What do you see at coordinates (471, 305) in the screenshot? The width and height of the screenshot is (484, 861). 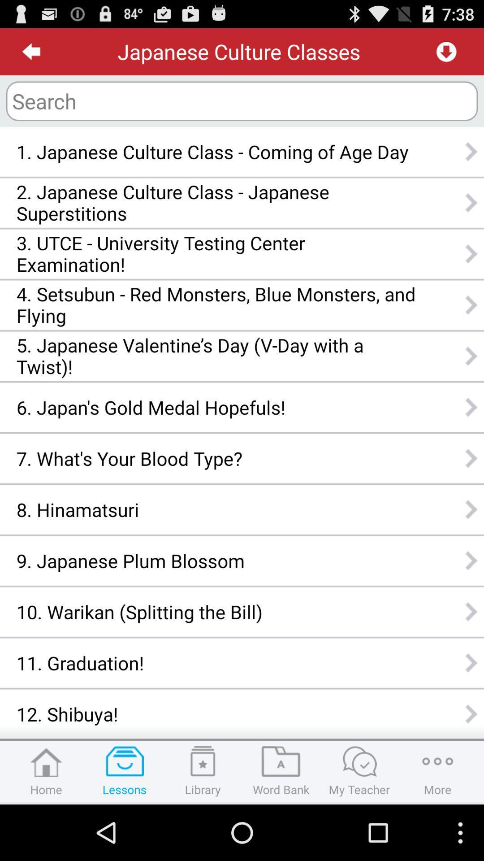 I see `right of fourth option` at bounding box center [471, 305].